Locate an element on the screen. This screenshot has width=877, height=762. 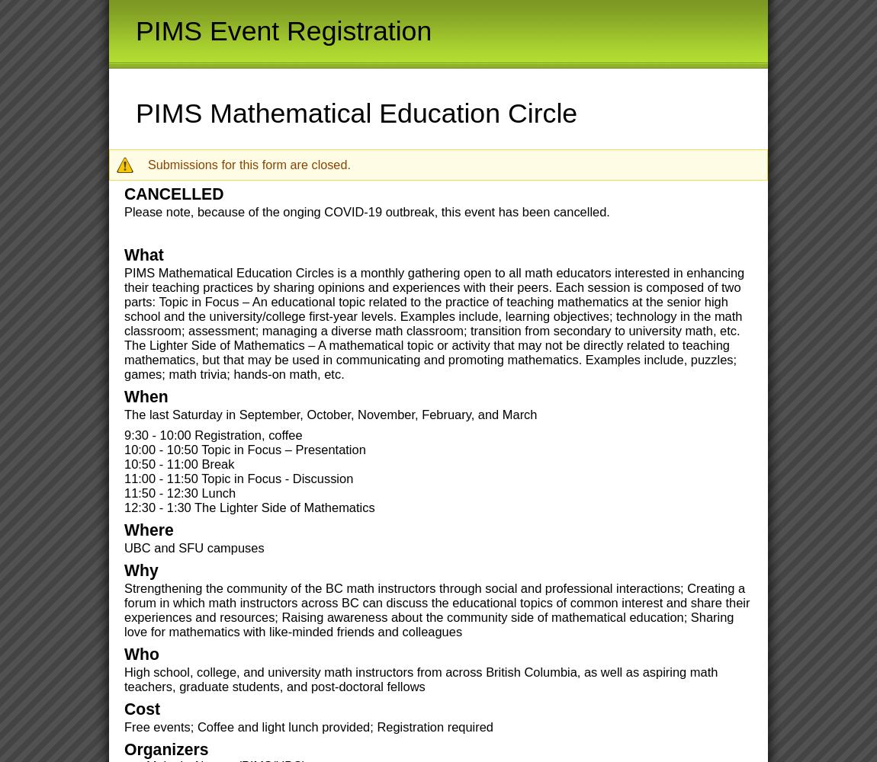
'Who' is located at coordinates (123, 653).